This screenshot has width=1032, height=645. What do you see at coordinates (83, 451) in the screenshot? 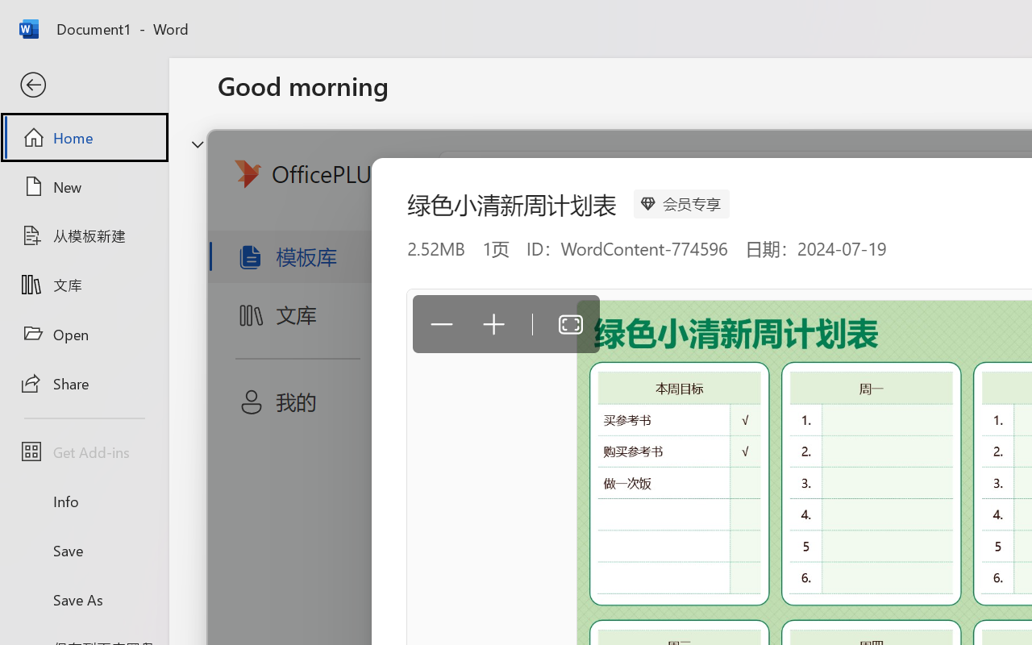
I see `'Get Add-ins'` at bounding box center [83, 451].